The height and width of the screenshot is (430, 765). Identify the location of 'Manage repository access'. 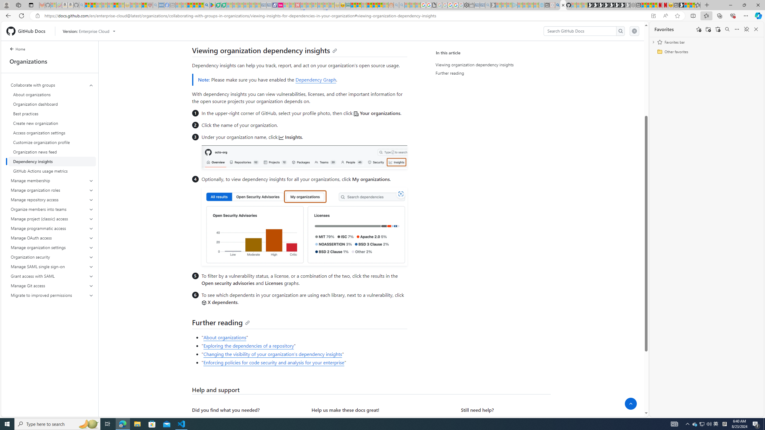
(52, 199).